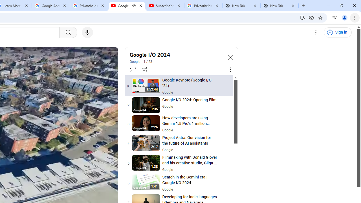  Describe the element at coordinates (279, 6) in the screenshot. I see `'New Tab'` at that location.